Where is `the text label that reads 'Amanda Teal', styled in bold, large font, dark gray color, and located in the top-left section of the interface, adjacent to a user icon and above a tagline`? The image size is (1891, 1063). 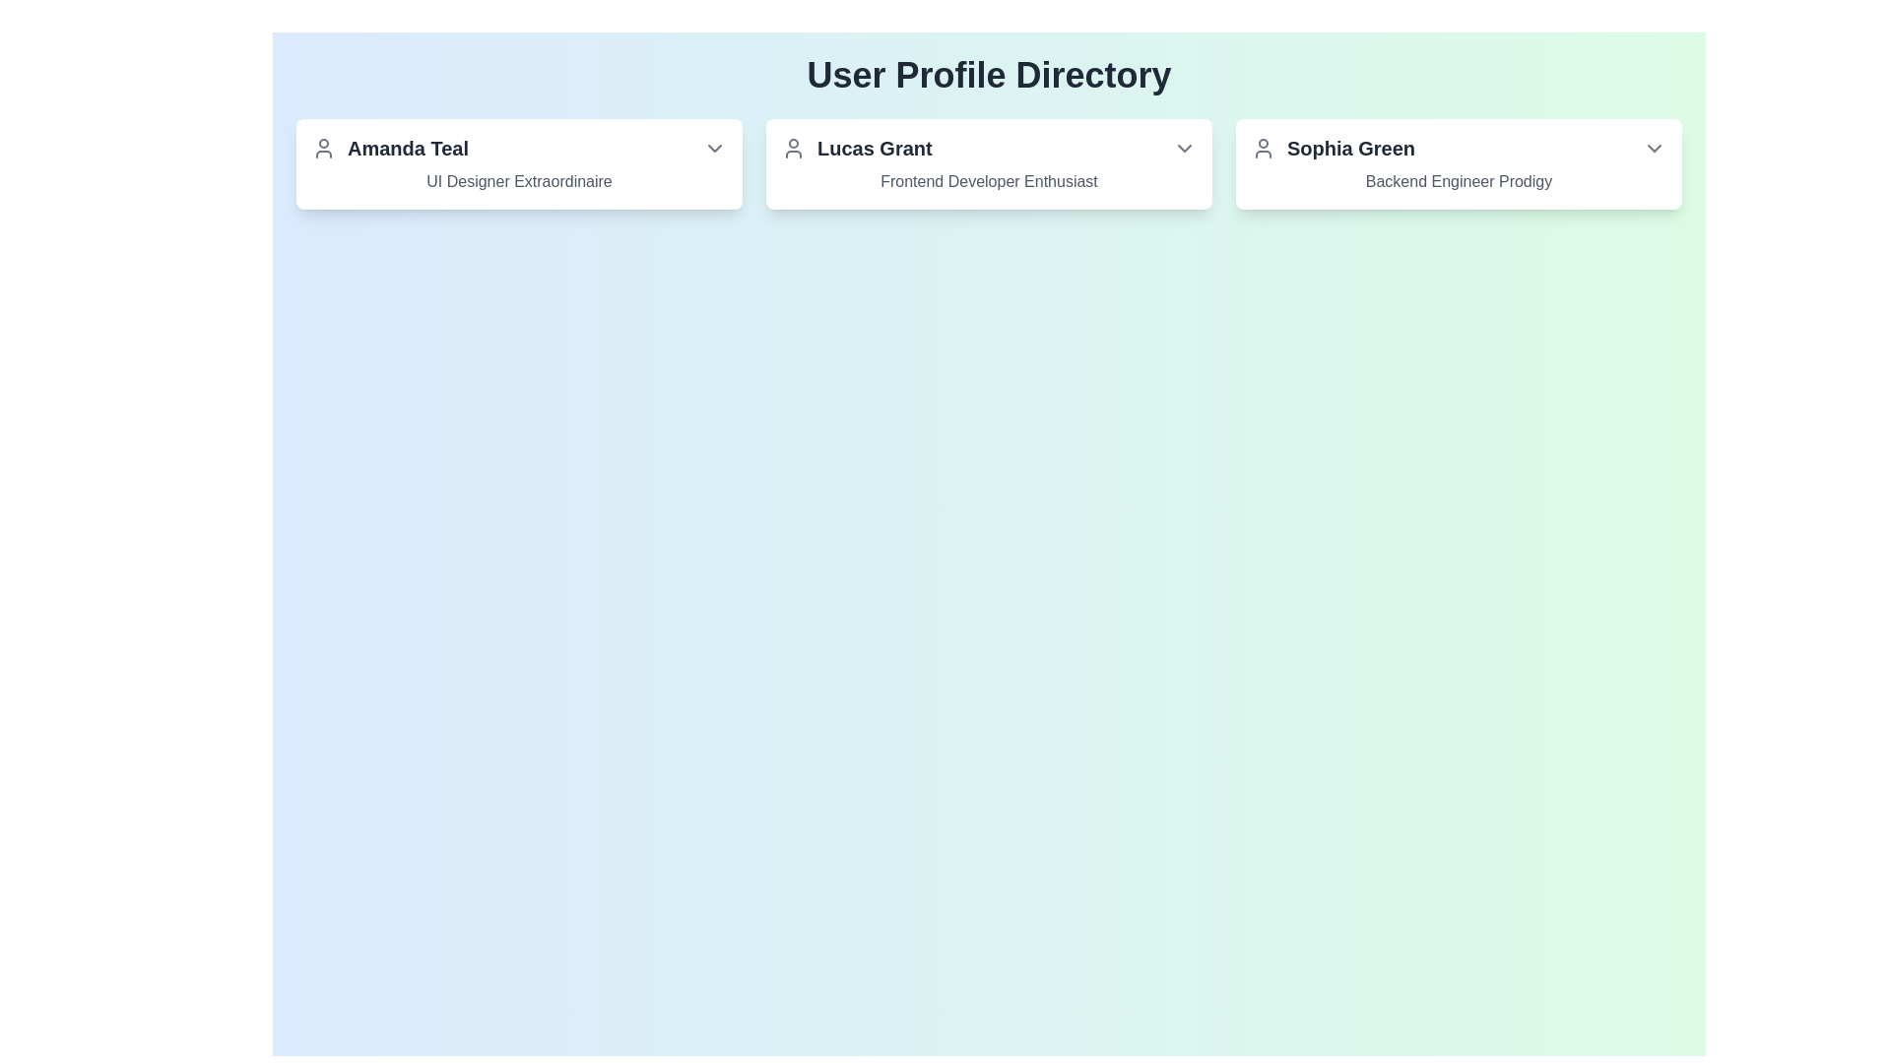 the text label that reads 'Amanda Teal', styled in bold, large font, dark gray color, and located in the top-left section of the interface, adjacent to a user icon and above a tagline is located at coordinates (407, 147).